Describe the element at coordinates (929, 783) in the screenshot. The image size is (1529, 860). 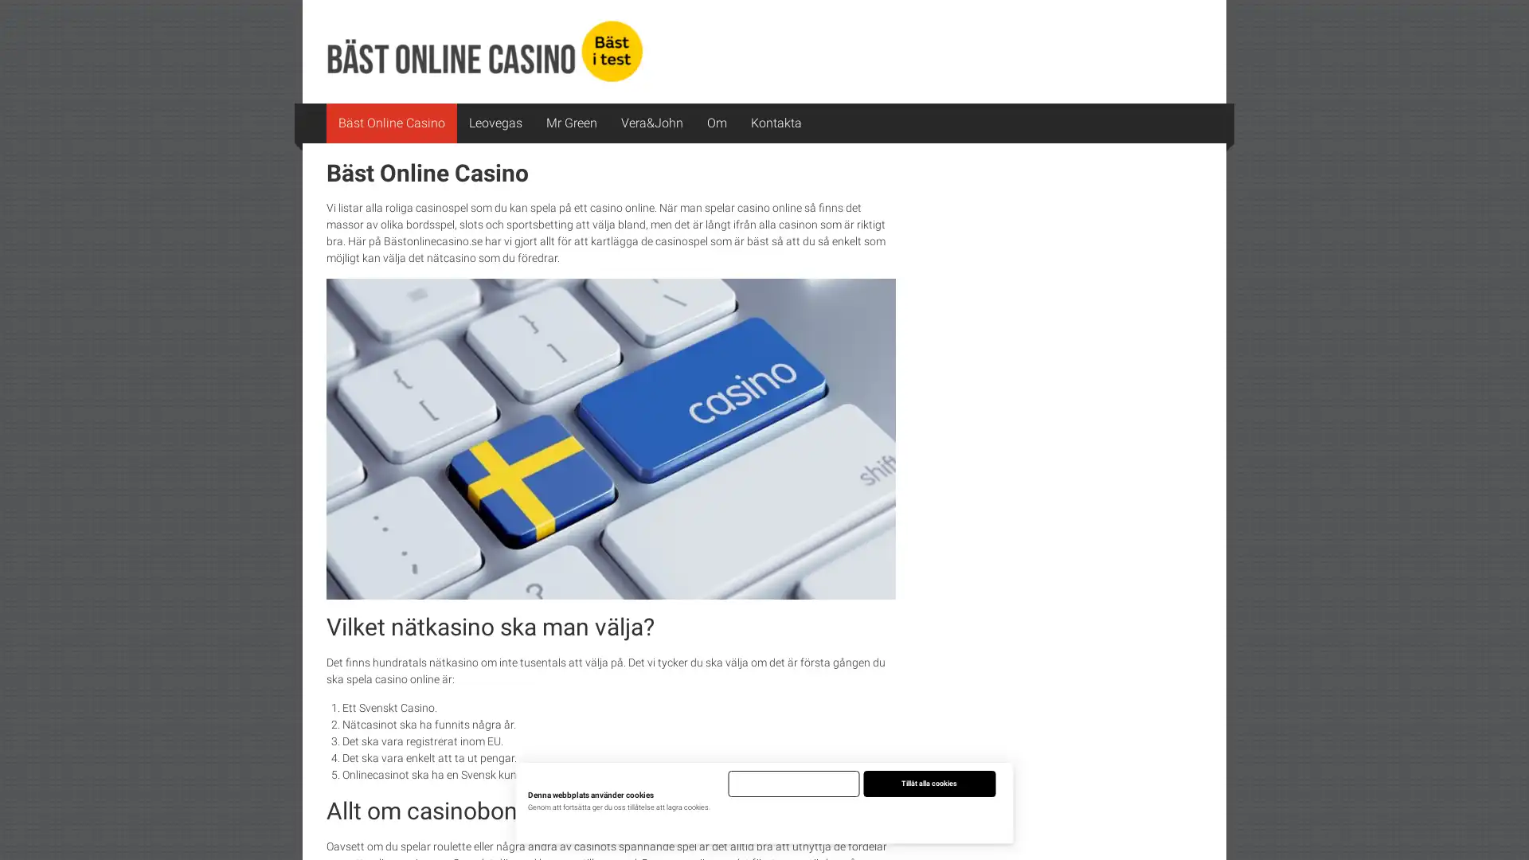
I see `Tillat alla cookies` at that location.